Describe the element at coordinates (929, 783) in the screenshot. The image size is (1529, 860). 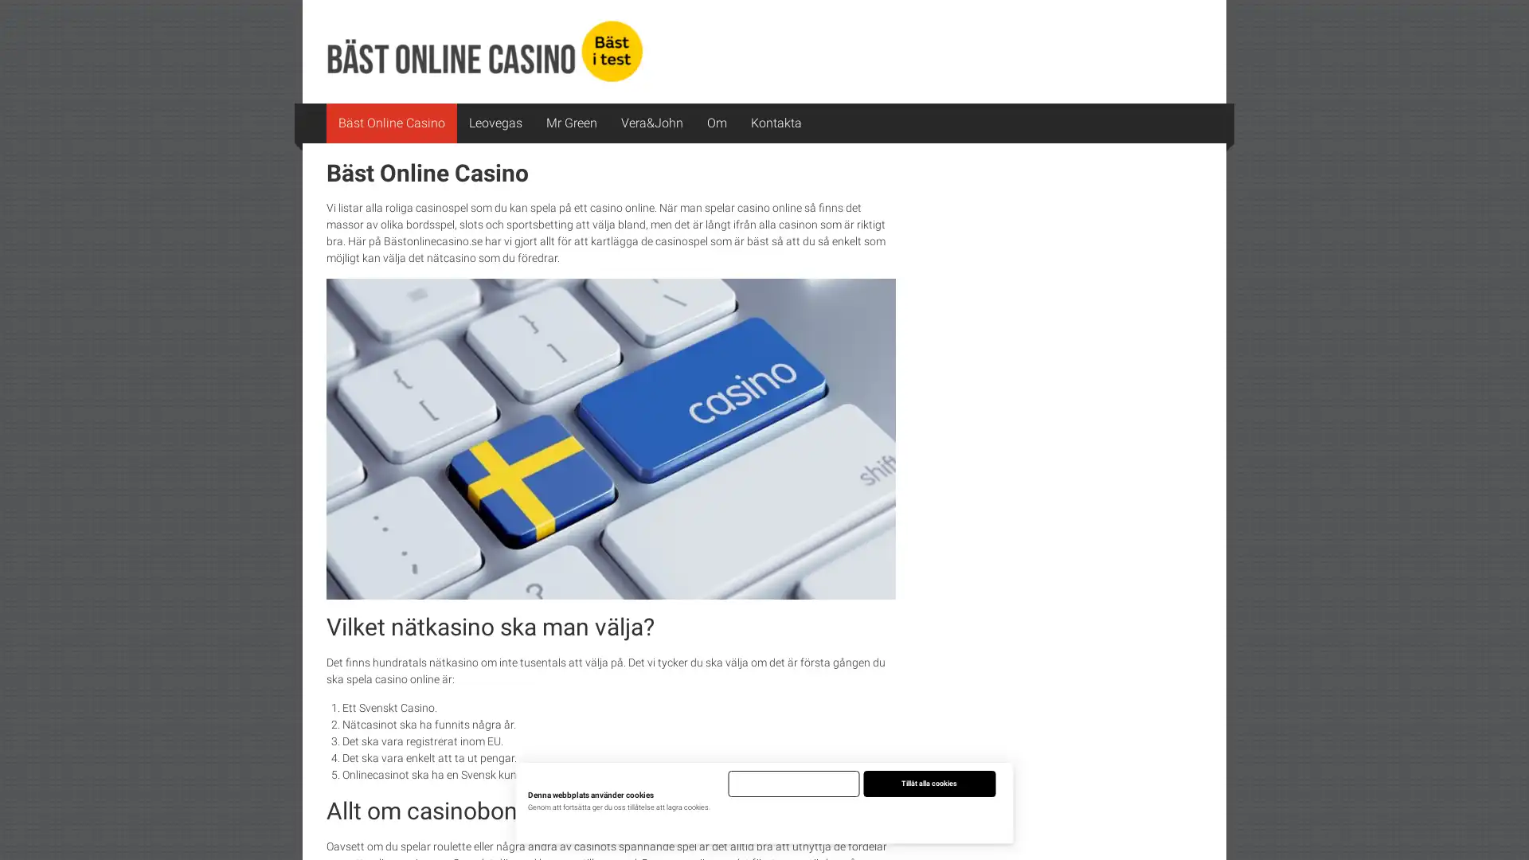
I see `Tillat alla cookies` at that location.